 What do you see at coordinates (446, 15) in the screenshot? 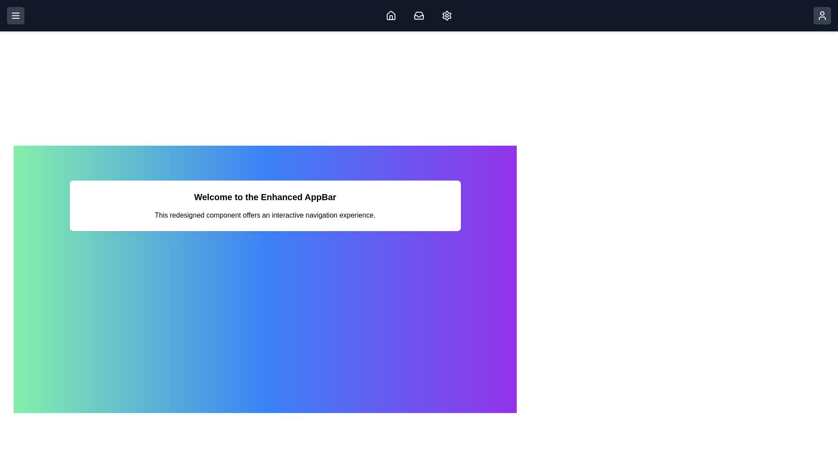
I see `the Settings icon located in the top-right corner of the AppBar` at bounding box center [446, 15].